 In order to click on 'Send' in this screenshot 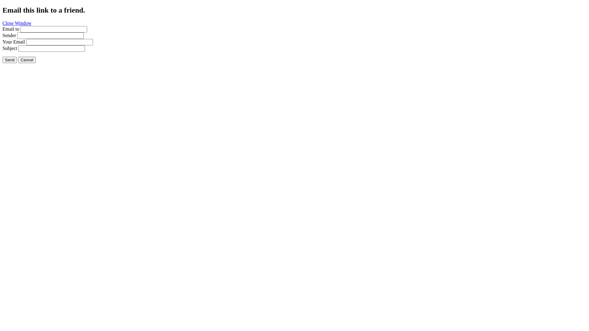, I will do `click(2, 60)`.